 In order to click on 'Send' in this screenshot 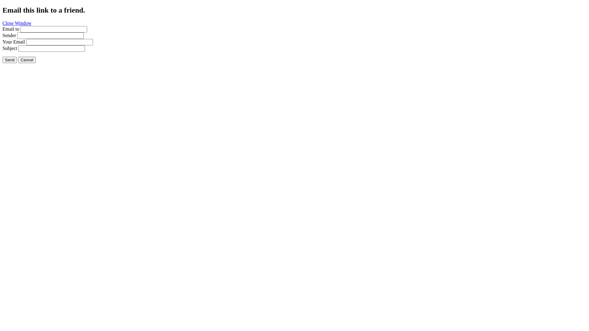, I will do `click(2, 60)`.